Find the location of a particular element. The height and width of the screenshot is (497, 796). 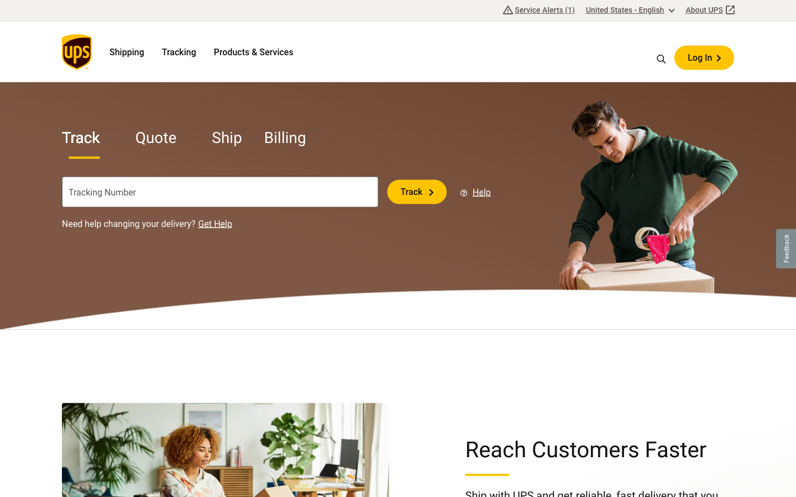

Remove the last character of the tracking number in the tracking bar is located at coordinates (326, 192).